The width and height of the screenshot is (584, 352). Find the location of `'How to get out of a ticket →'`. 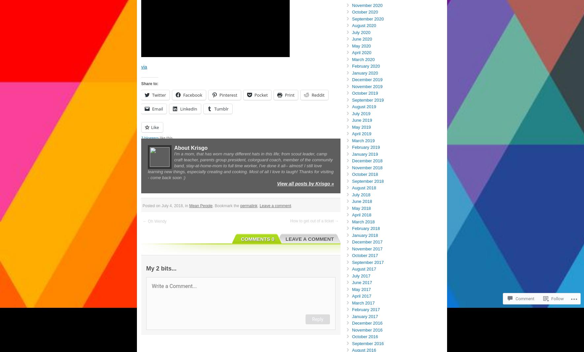

'How to get out of a ticket →' is located at coordinates (290, 221).